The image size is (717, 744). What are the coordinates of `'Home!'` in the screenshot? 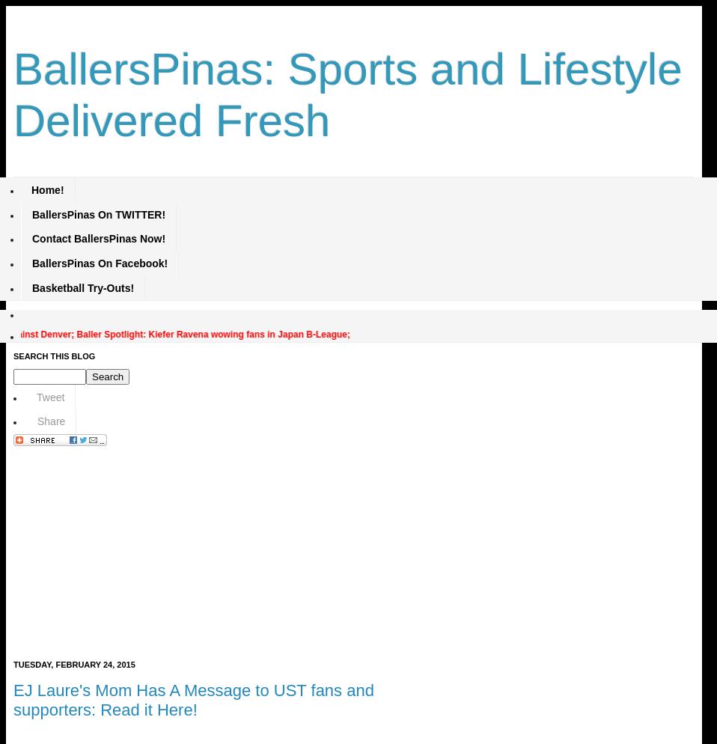 It's located at (46, 188).